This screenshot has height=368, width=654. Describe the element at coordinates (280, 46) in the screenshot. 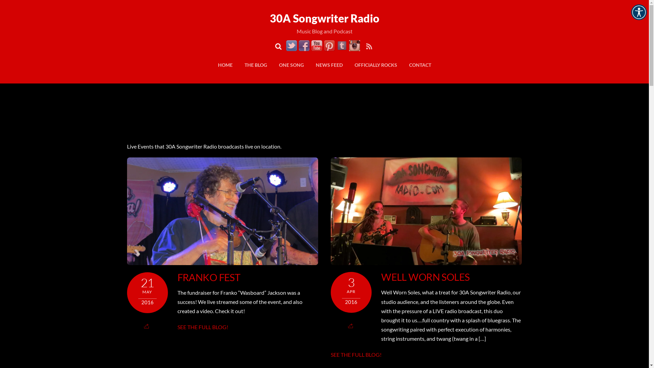

I see `'Search'` at that location.